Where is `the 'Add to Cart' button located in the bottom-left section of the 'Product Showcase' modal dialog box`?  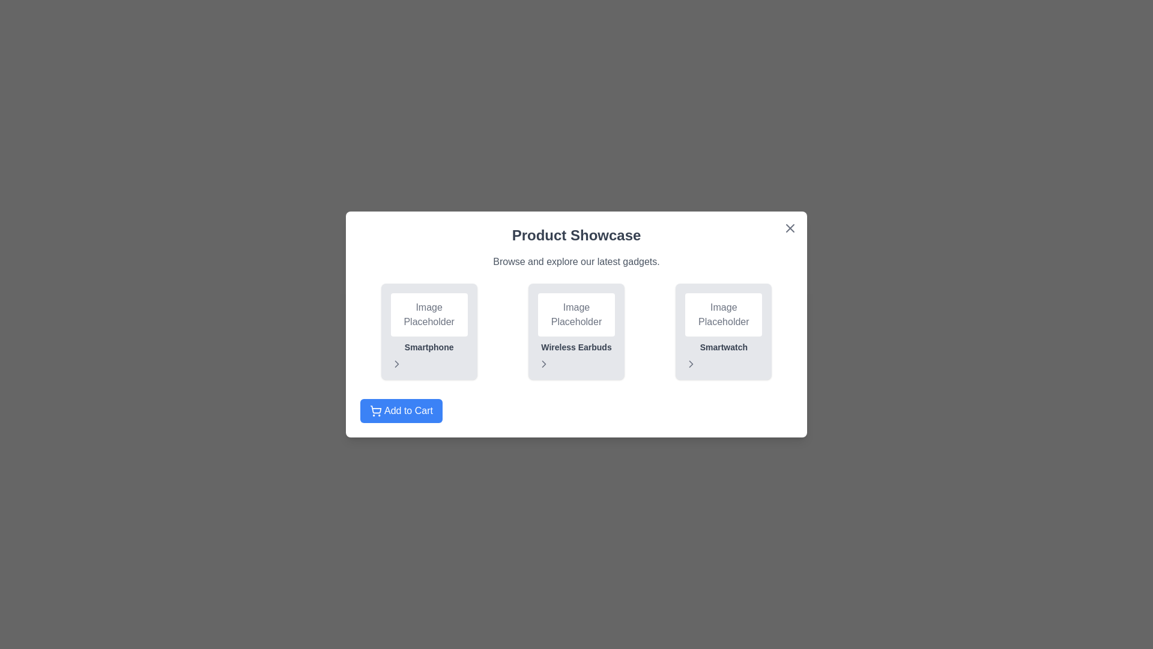 the 'Add to Cart' button located in the bottom-left section of the 'Product Showcase' modal dialog box is located at coordinates (401, 410).